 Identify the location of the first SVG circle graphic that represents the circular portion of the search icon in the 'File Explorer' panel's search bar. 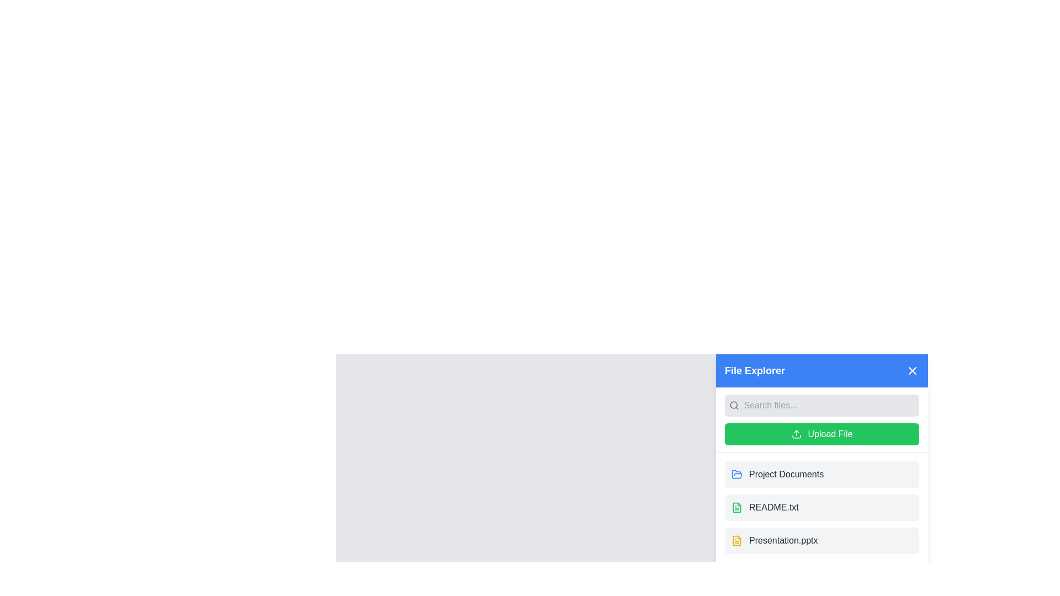
(734, 405).